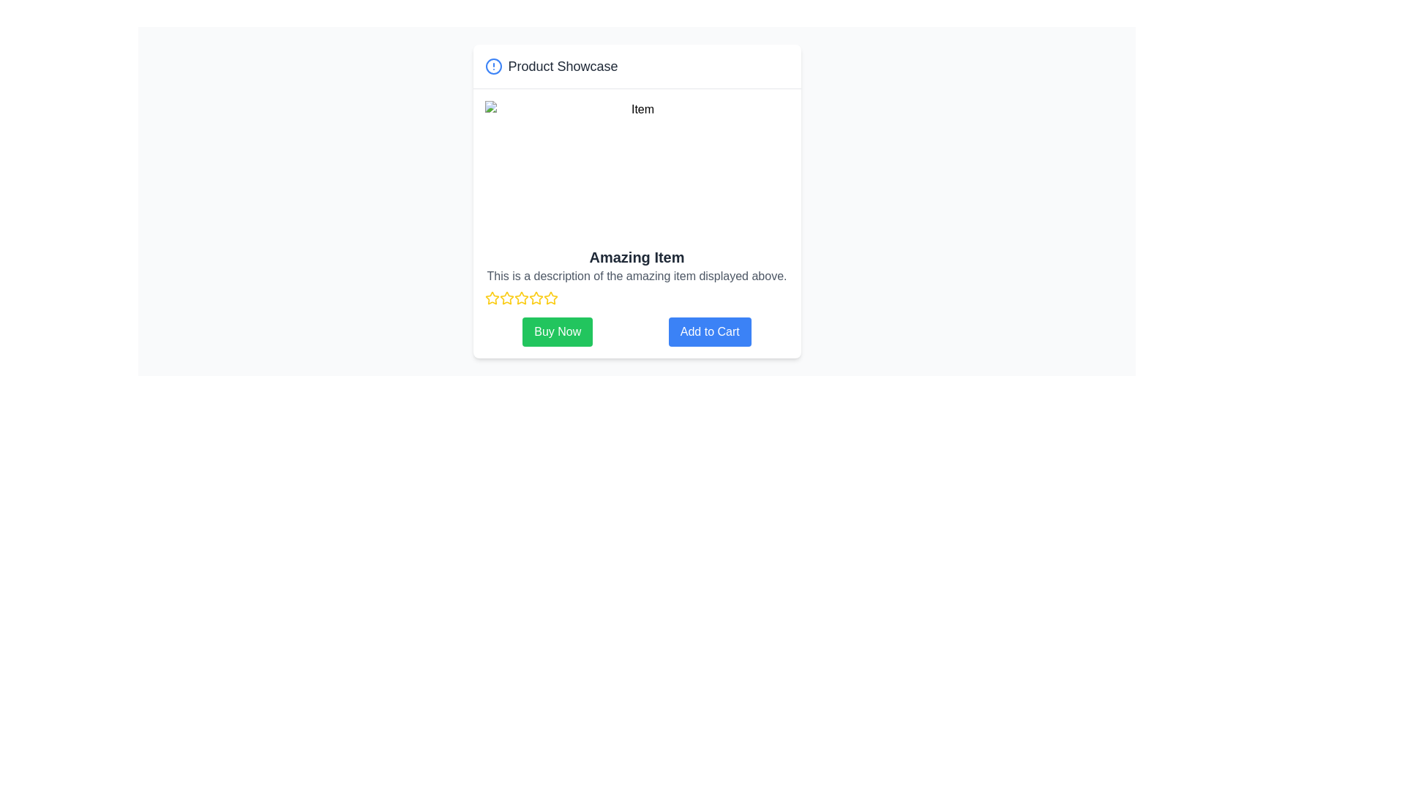  Describe the element at coordinates (637, 276) in the screenshot. I see `the descriptive text element located directly below the 'Amazing Item' heading and above the horizontal sequence of yellow stars and buttons` at that location.